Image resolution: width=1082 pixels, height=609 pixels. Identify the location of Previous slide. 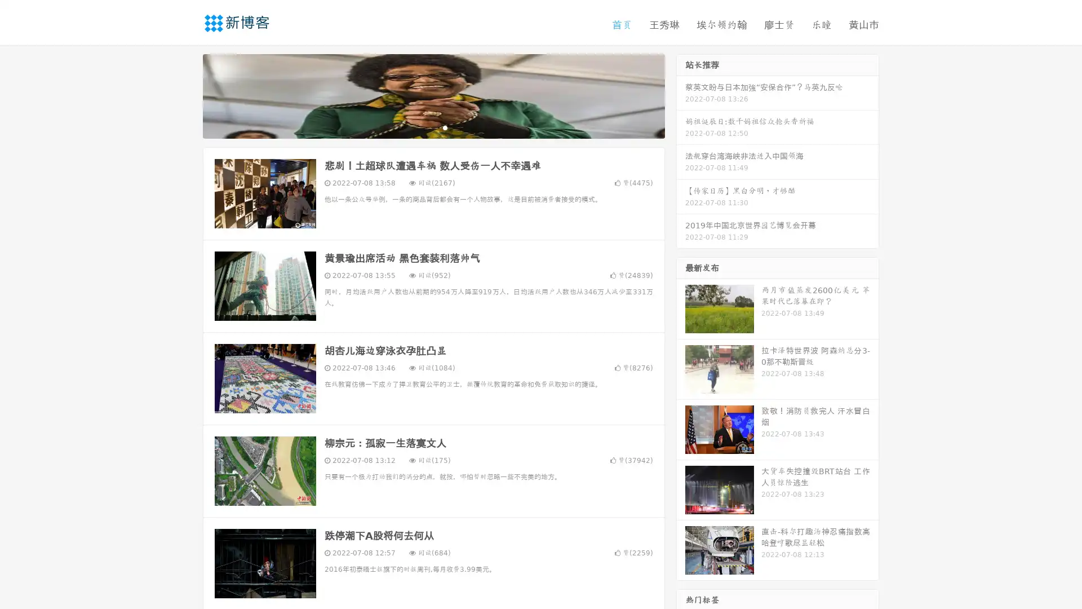
(186, 95).